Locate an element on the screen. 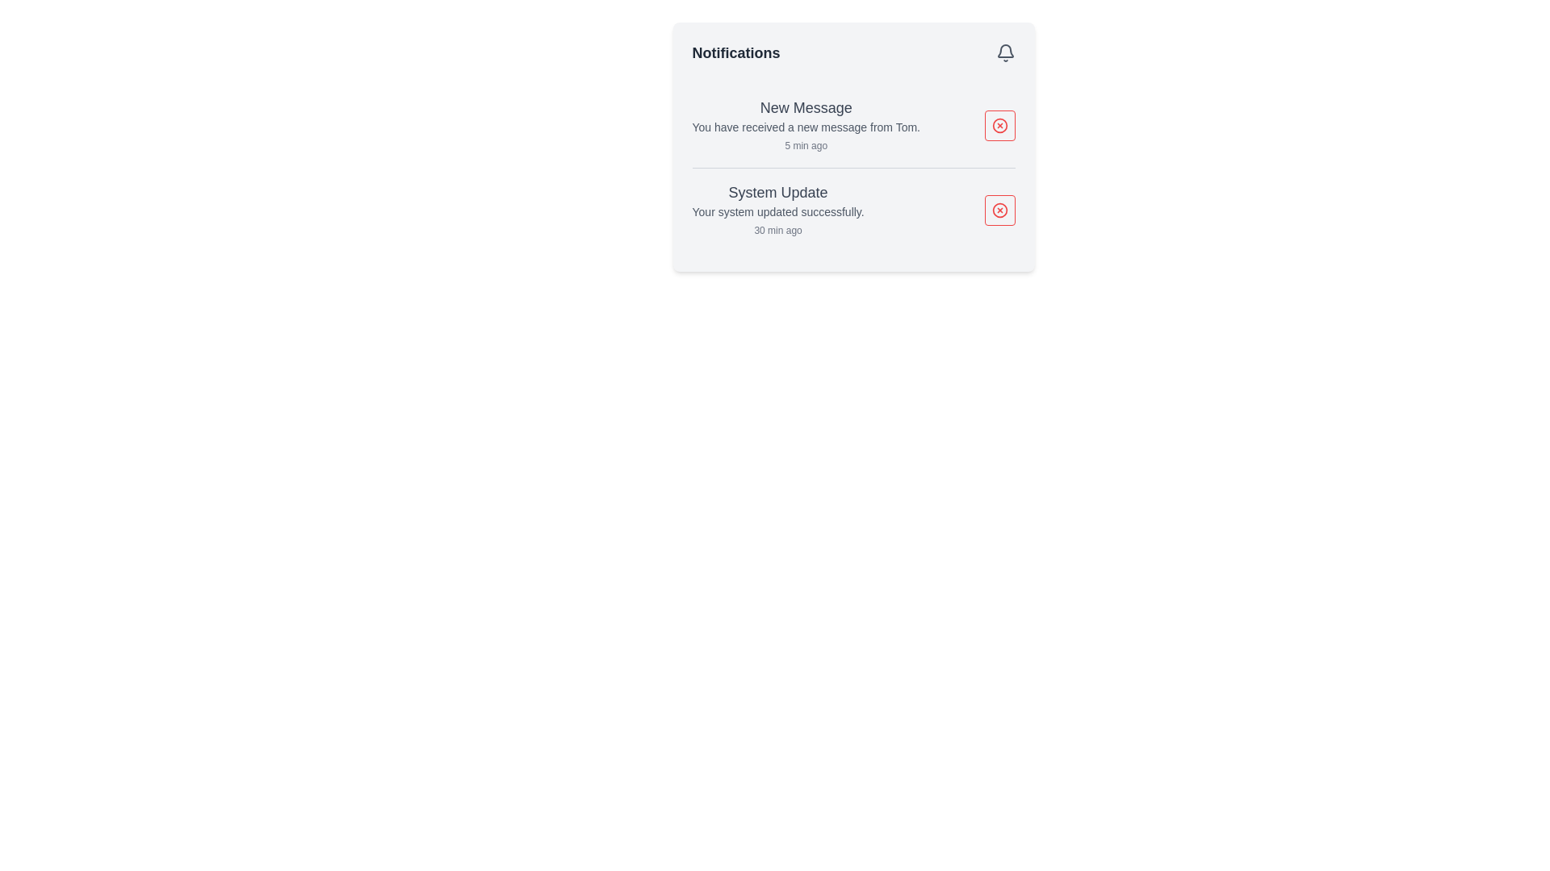 Image resolution: width=1550 pixels, height=871 pixels. the bell-shaped notification icon located in the top-right corner of the 'Notifications' card is located at coordinates (1004, 52).